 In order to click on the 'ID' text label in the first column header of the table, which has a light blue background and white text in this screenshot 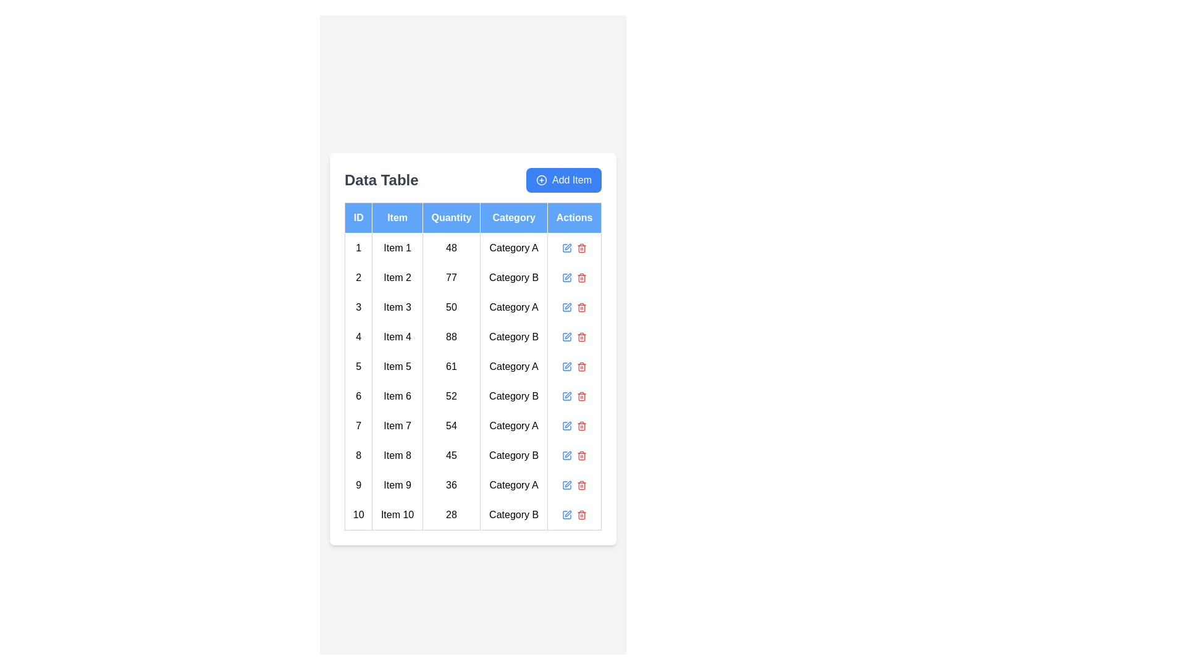, I will do `click(358, 217)`.